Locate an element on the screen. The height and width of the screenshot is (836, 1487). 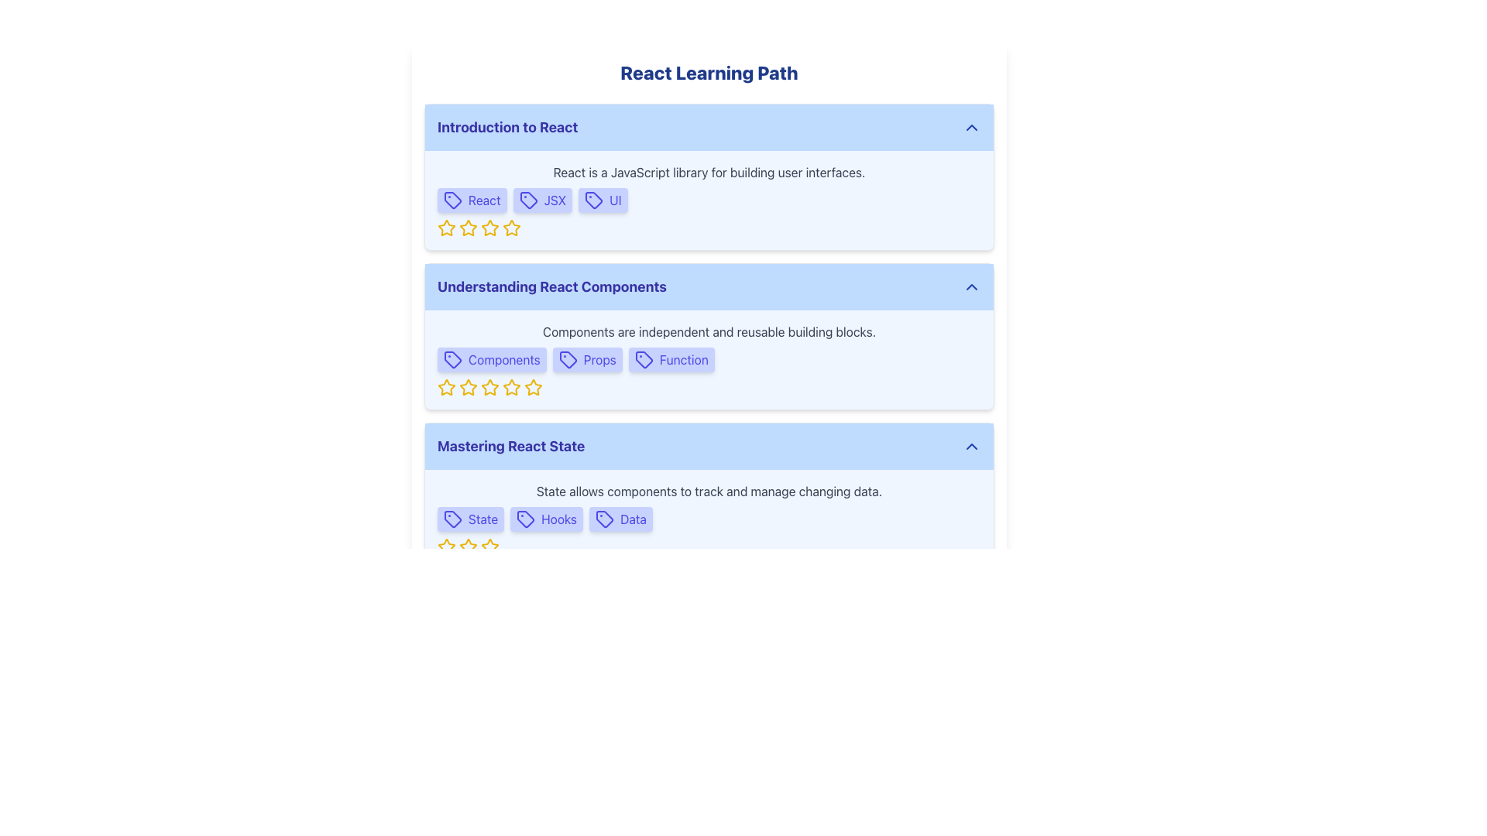
the sixth star icon in the 'Understanding React Components' section to provide a rating is located at coordinates (512, 387).